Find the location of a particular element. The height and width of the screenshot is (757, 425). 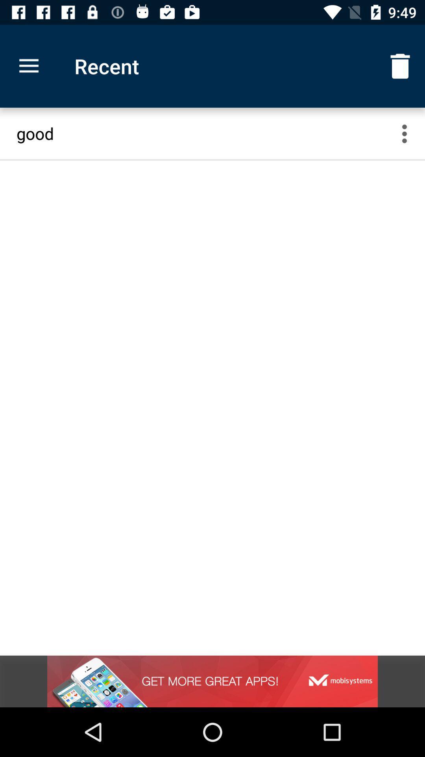

the item below good icon is located at coordinates (213, 681).